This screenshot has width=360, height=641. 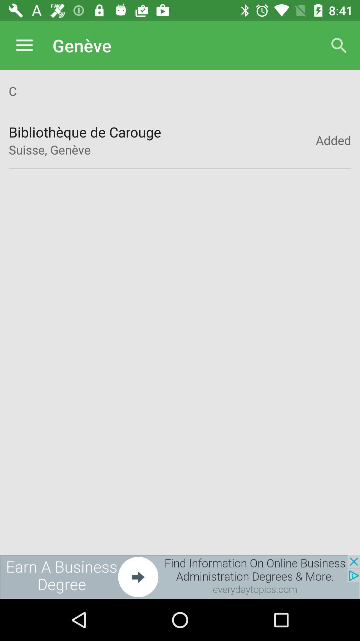 I want to click on go next, so click(x=180, y=577).